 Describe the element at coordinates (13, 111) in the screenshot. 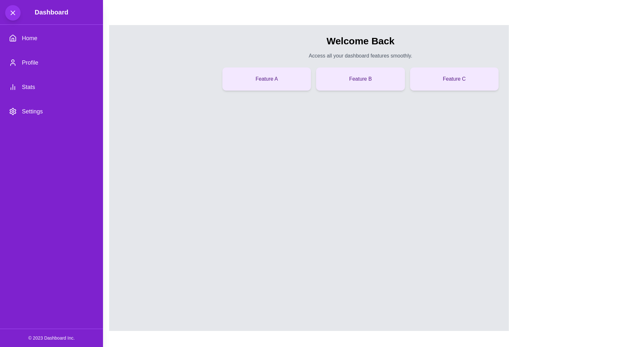

I see `the settings icon located in the left-side navigation bar, next to the 'Settings' text` at that location.